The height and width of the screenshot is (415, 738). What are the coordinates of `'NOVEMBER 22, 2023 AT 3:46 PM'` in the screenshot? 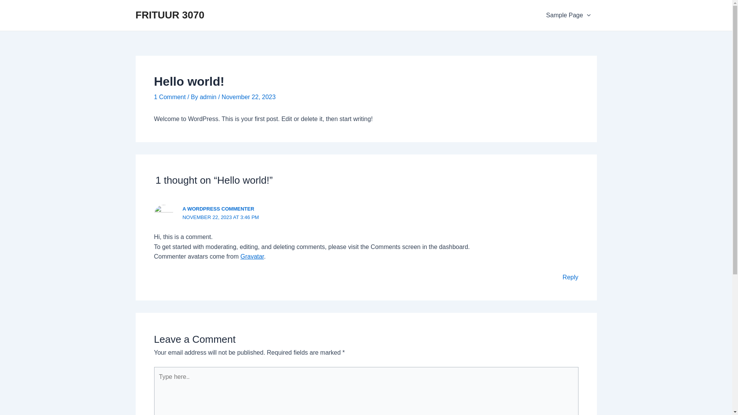 It's located at (220, 217).